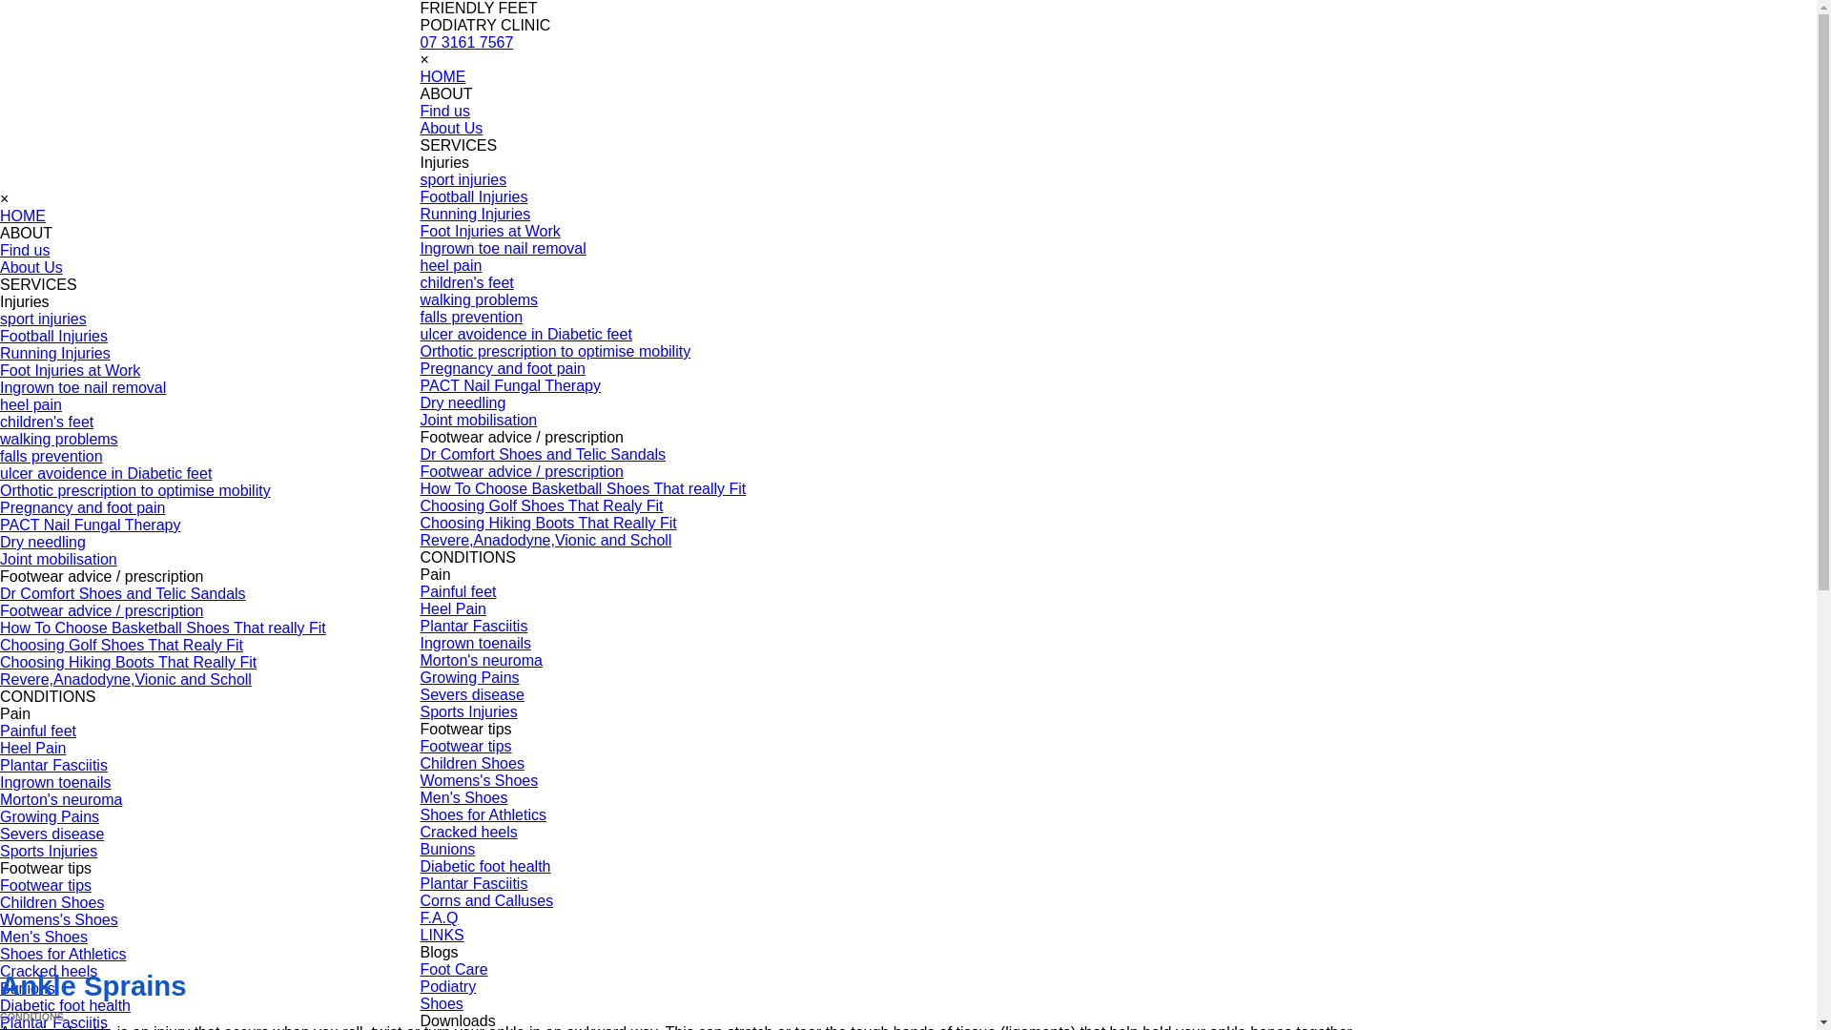  Describe the element at coordinates (485, 900) in the screenshot. I see `'Corns and Calluses'` at that location.